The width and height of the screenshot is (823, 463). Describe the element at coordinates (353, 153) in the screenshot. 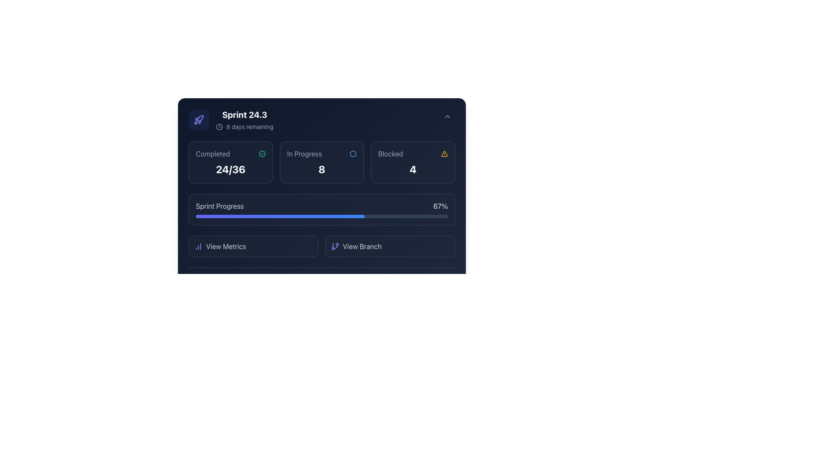

I see `the small circular icon with a blue border, which indicates 'In Progress' status, centered above the number '8'` at that location.